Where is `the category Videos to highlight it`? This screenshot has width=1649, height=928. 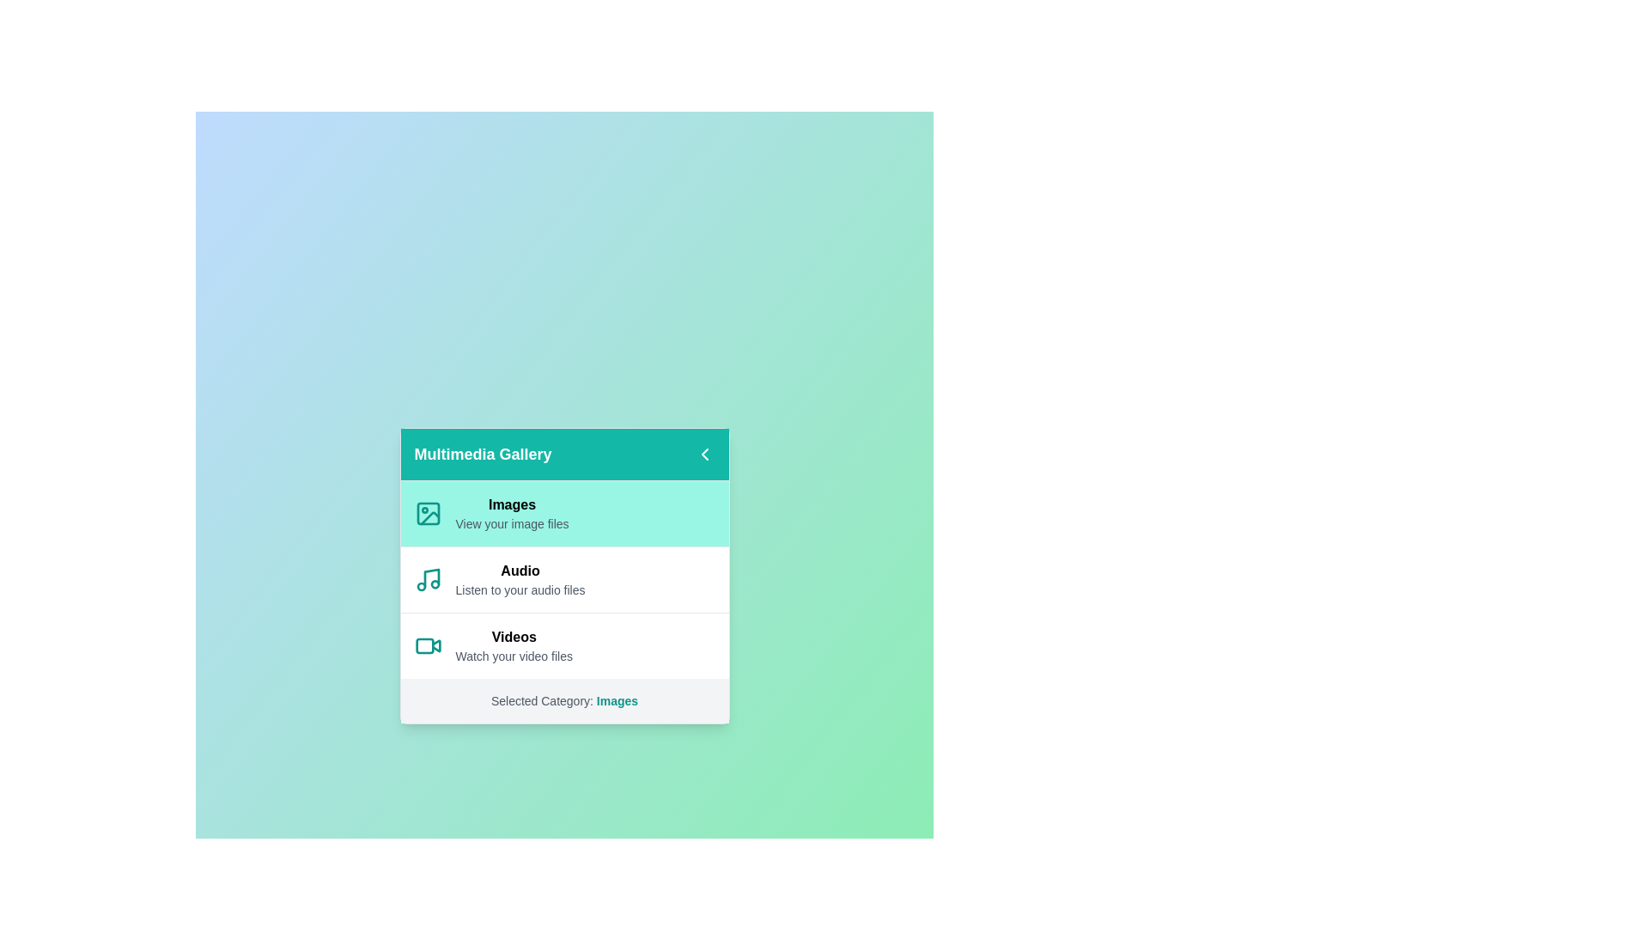 the category Videos to highlight it is located at coordinates (564, 645).